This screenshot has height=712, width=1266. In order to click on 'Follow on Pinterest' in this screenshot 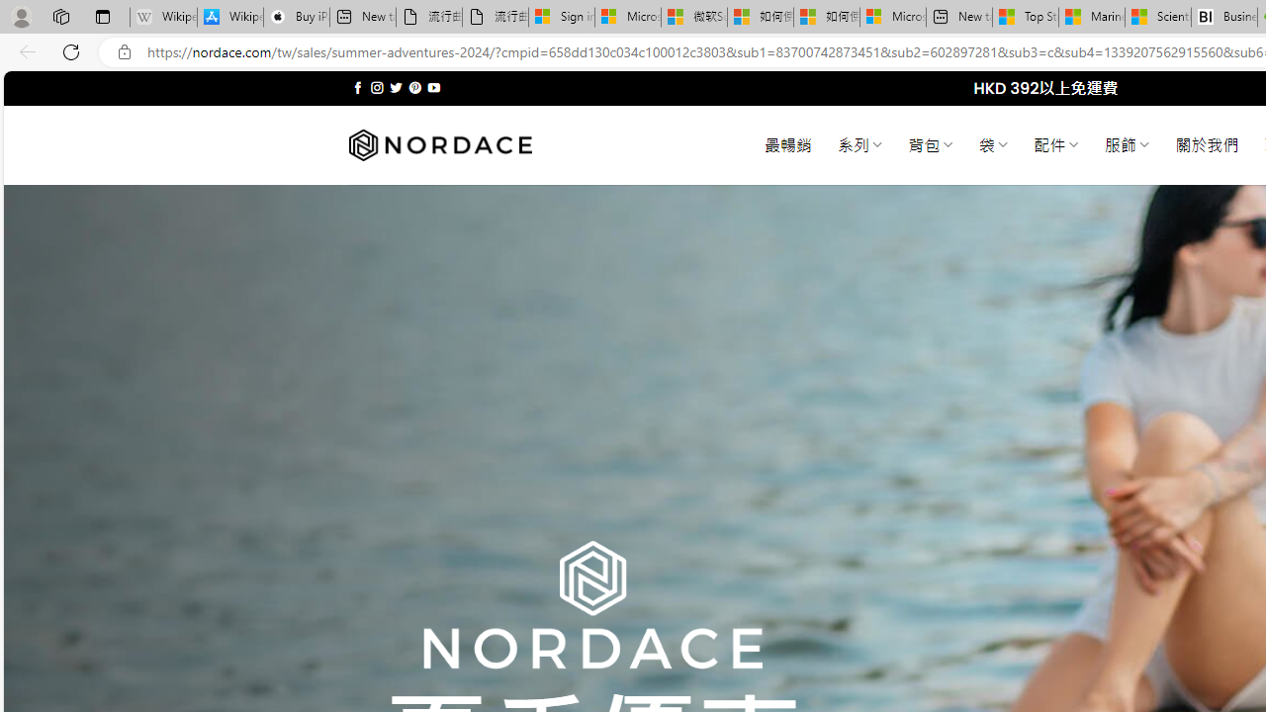, I will do `click(413, 87)`.